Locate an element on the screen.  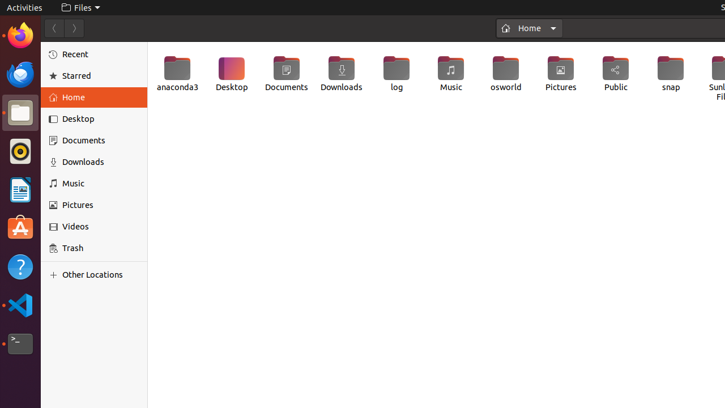
'Documents' is located at coordinates (286, 74).